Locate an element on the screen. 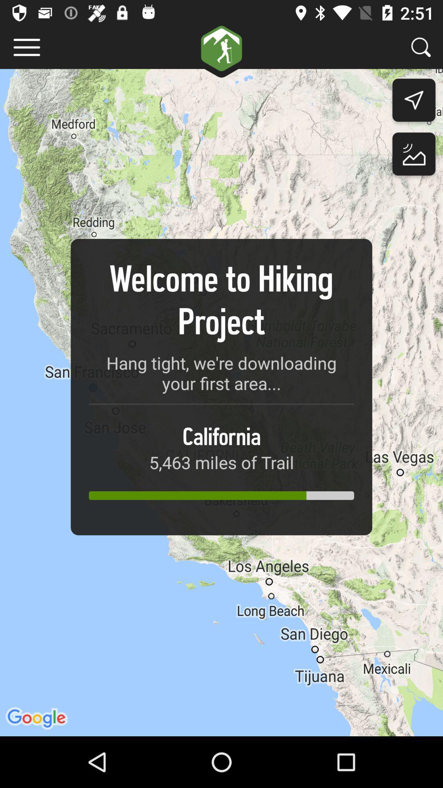 The width and height of the screenshot is (443, 788). map is located at coordinates (414, 156).